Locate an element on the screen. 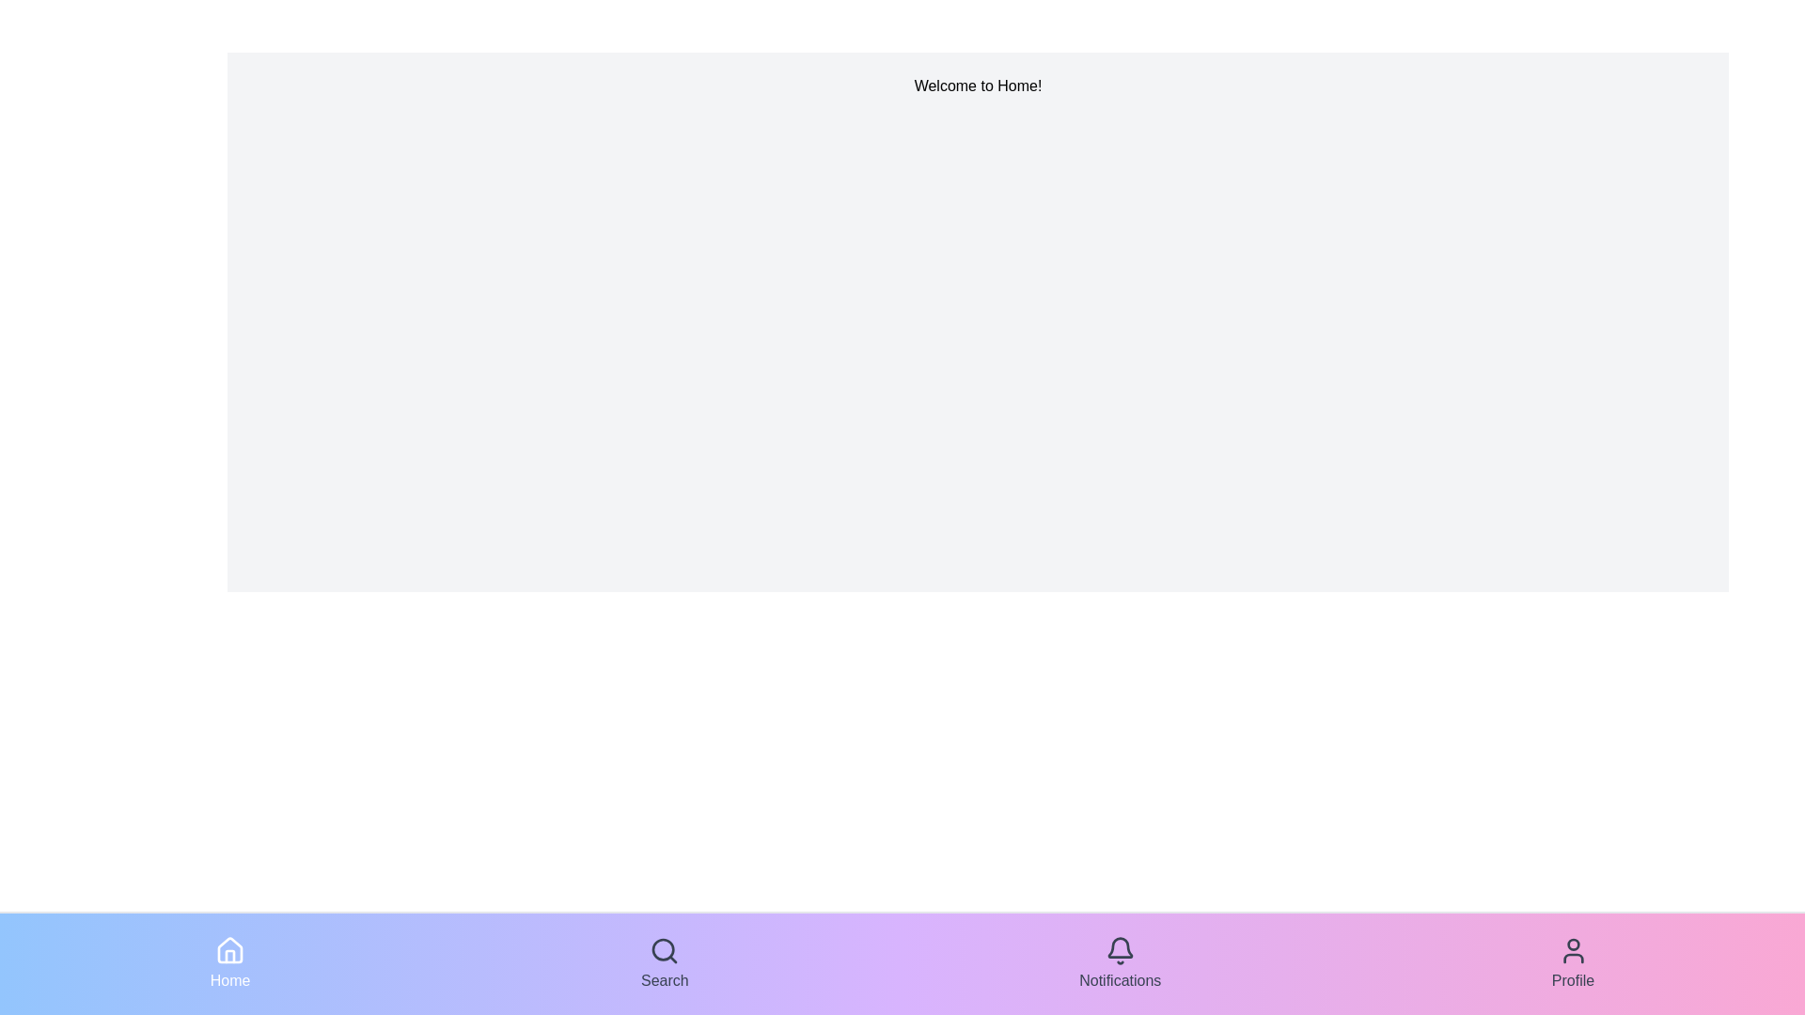 Image resolution: width=1805 pixels, height=1015 pixels. the profile navigation button located as the fourth item in the bottom horizontal navigation bar is located at coordinates (1573, 964).